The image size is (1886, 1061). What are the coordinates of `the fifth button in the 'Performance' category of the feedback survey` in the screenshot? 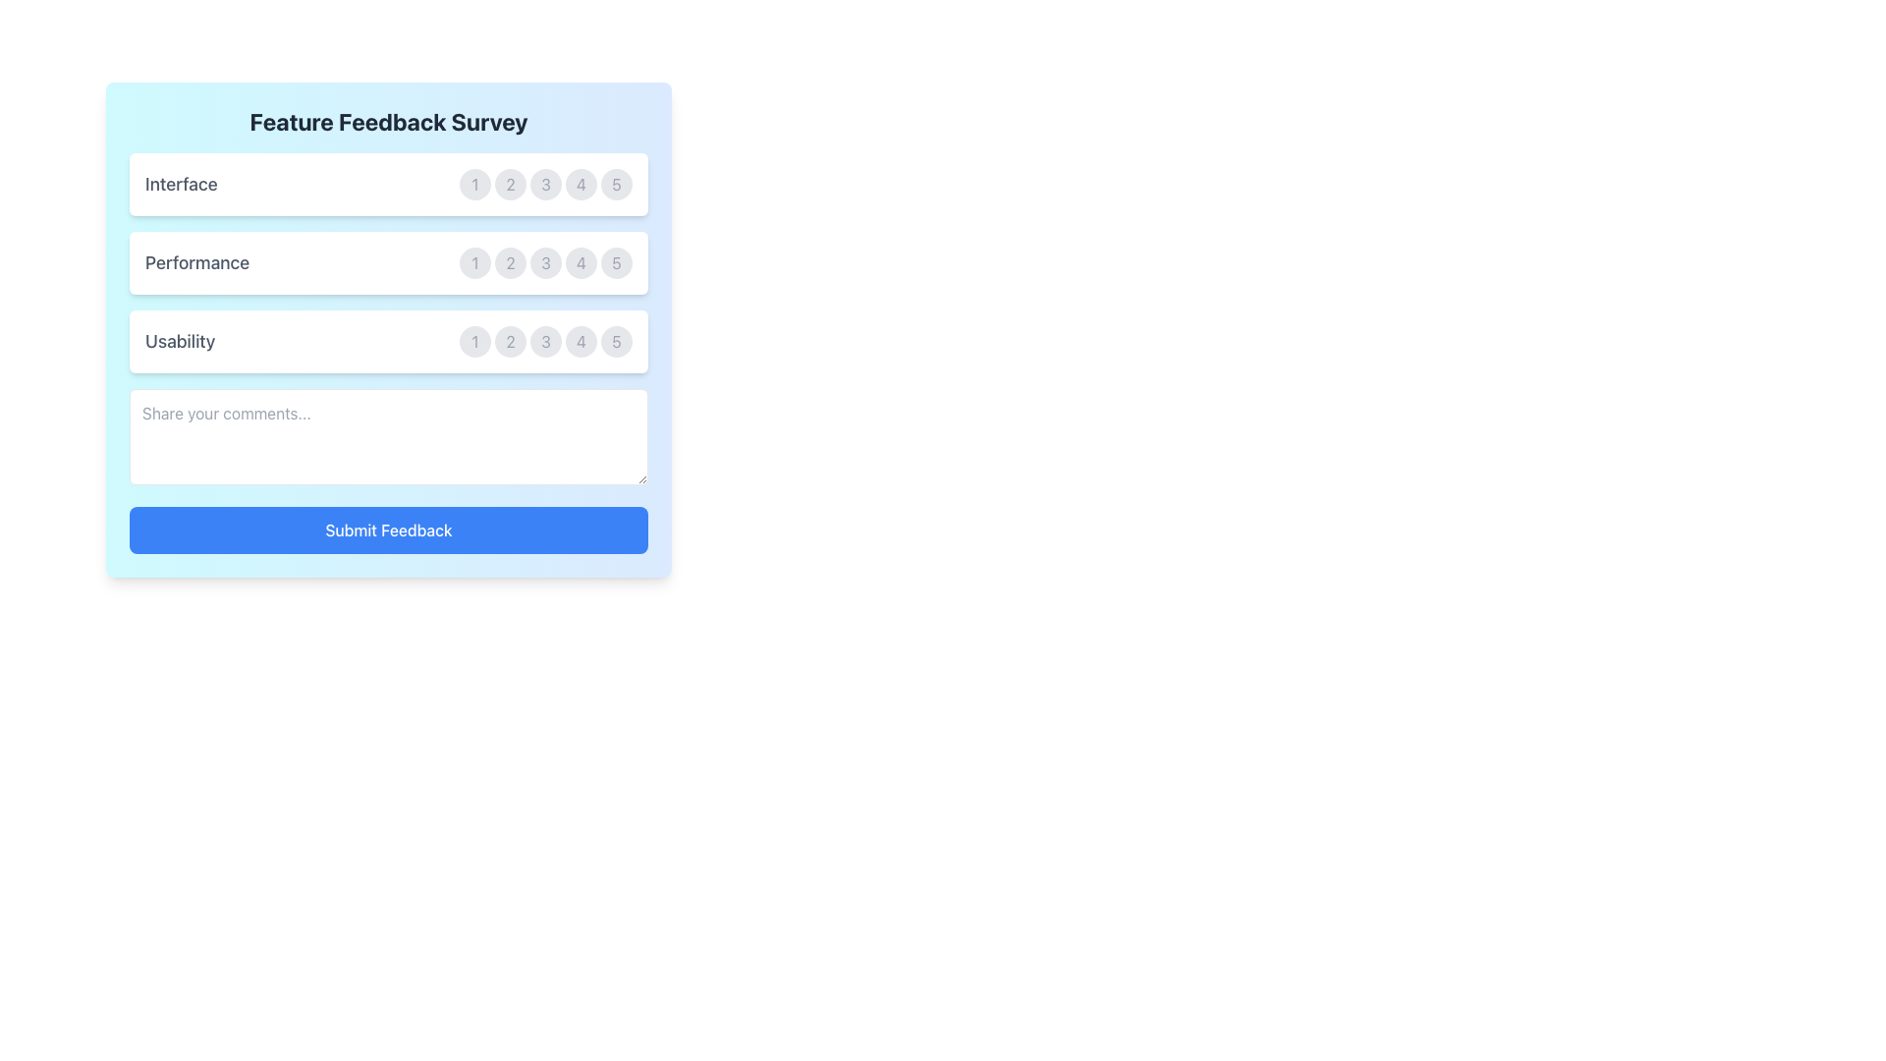 It's located at (616, 261).